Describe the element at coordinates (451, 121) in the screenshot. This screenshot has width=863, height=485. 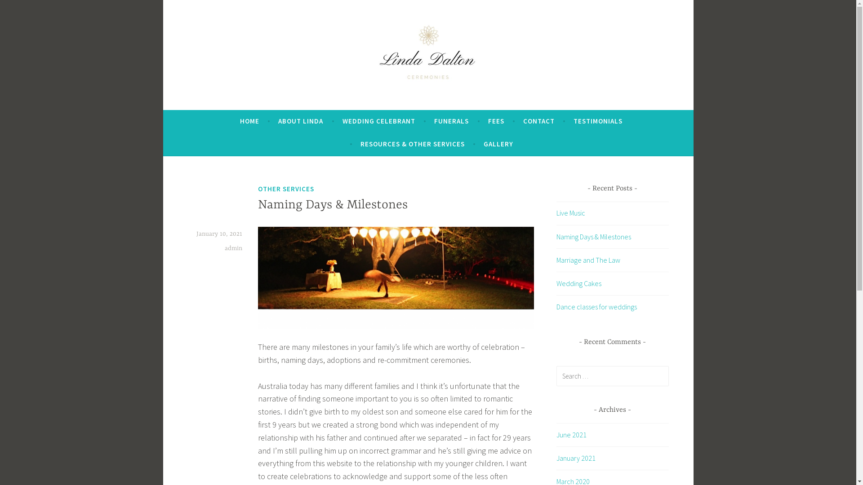
I see `'FUNERALS'` at that location.